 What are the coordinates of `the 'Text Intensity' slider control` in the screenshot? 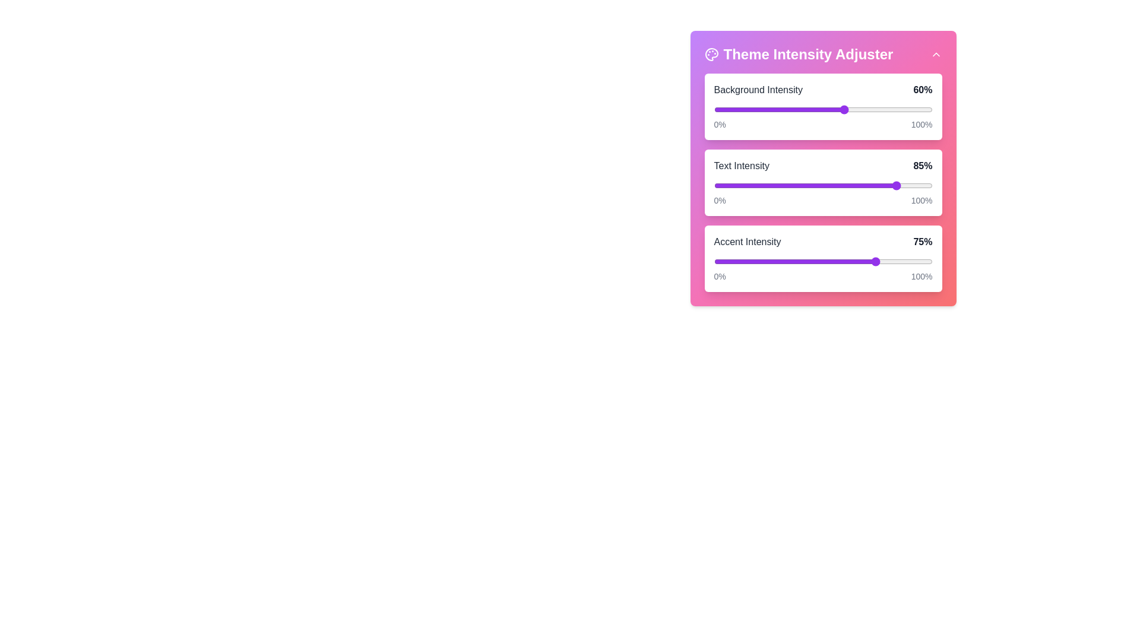 It's located at (822, 183).